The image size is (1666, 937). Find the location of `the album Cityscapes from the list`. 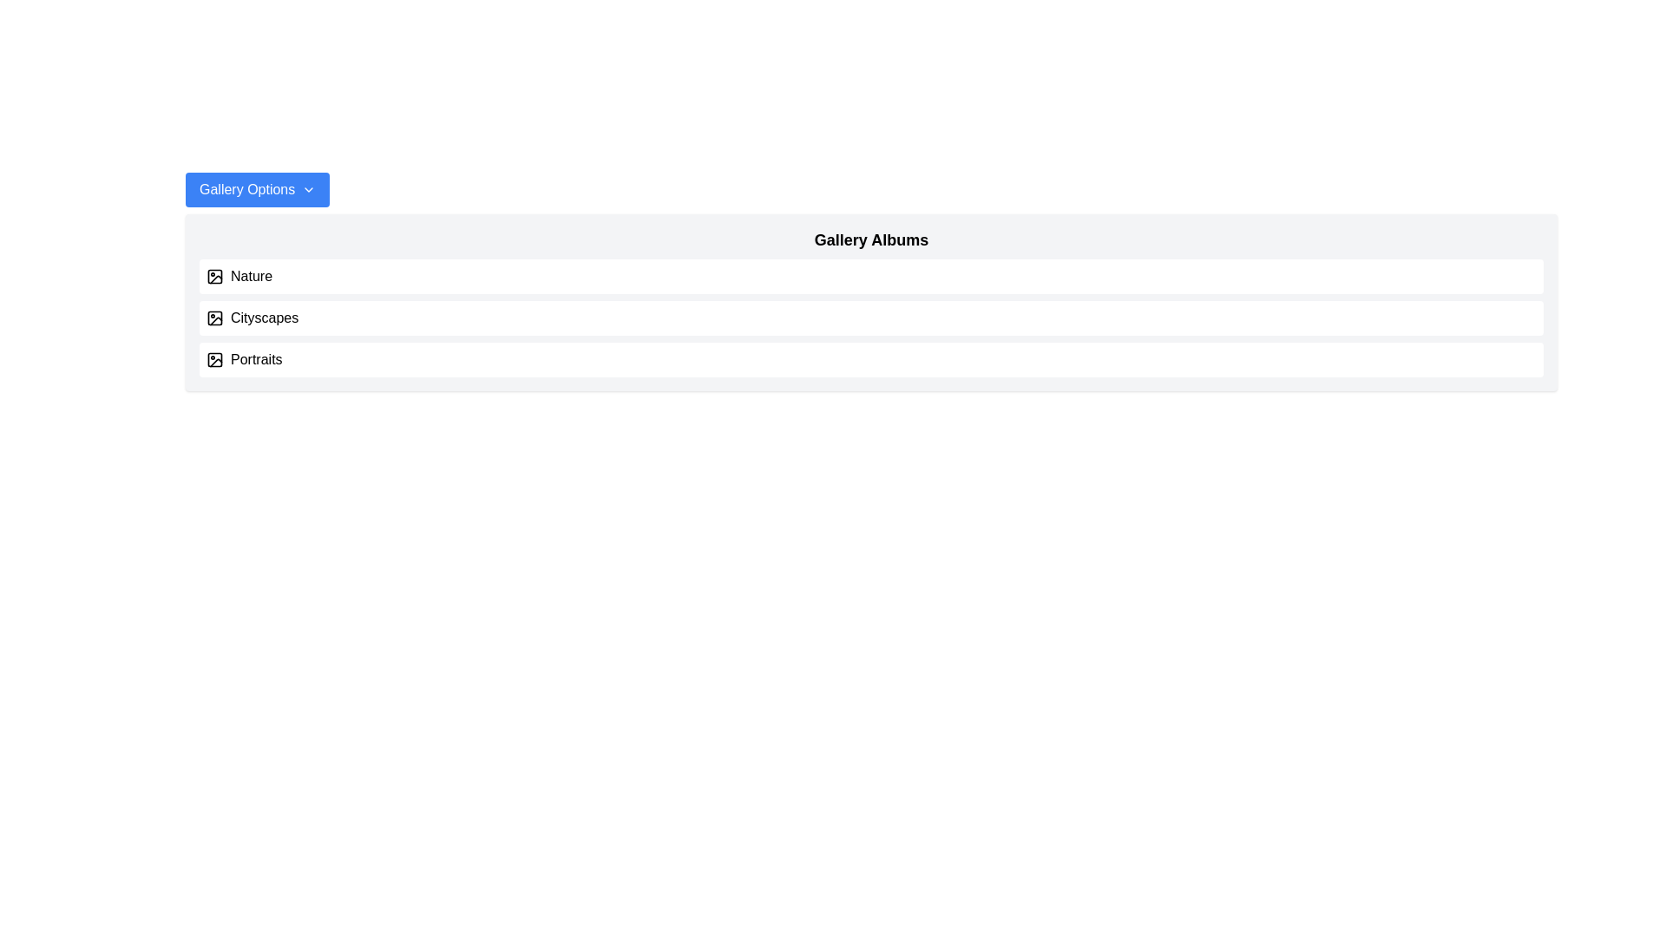

the album Cityscapes from the list is located at coordinates (871, 318).